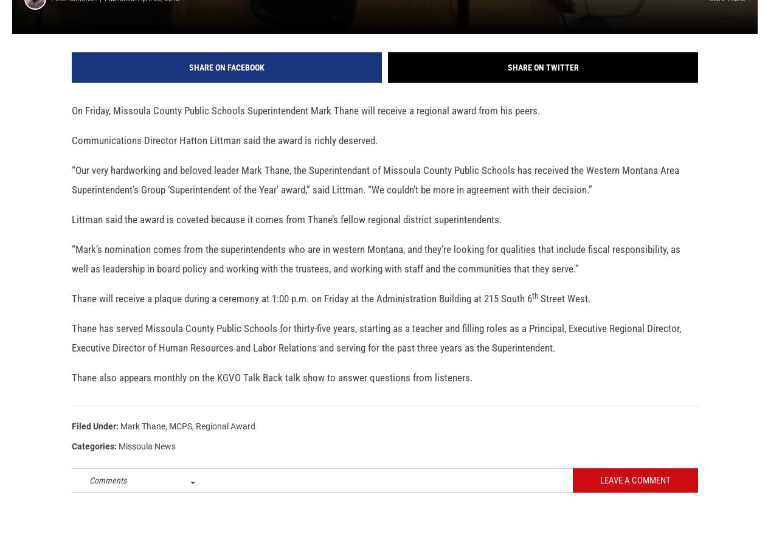 The width and height of the screenshot is (782, 551). I want to click on 'Published: April 26, 2018', so click(142, 14).